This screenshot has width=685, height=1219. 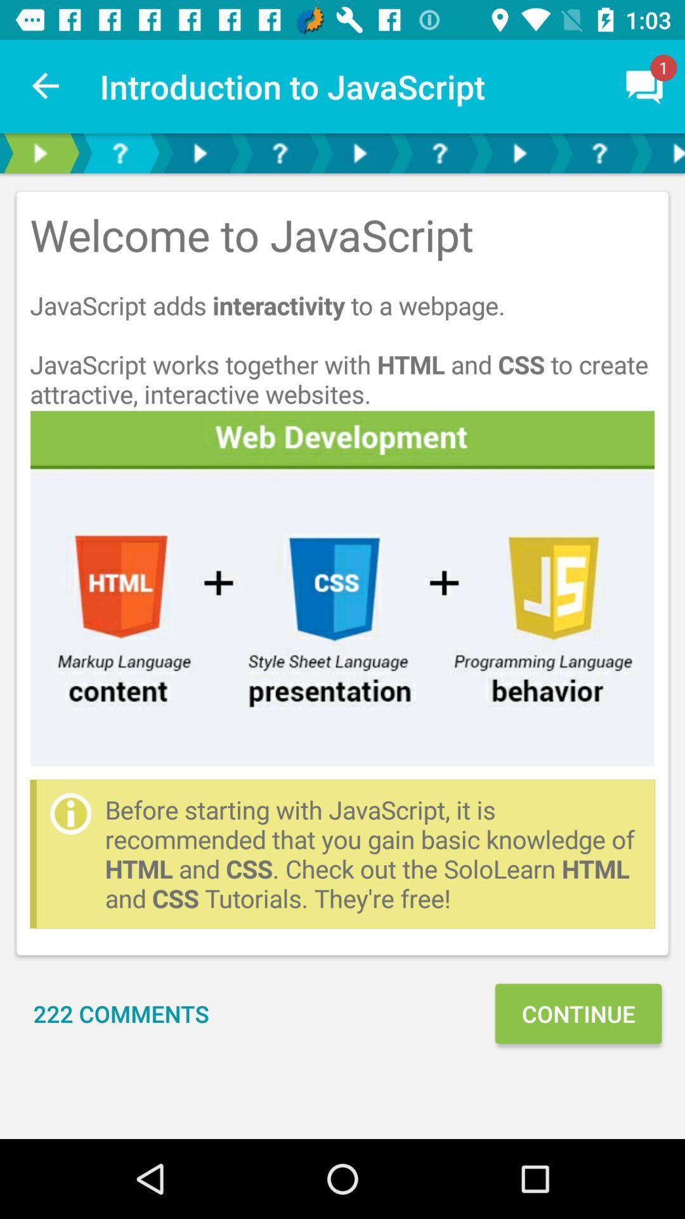 I want to click on open faqs, so click(x=120, y=152).